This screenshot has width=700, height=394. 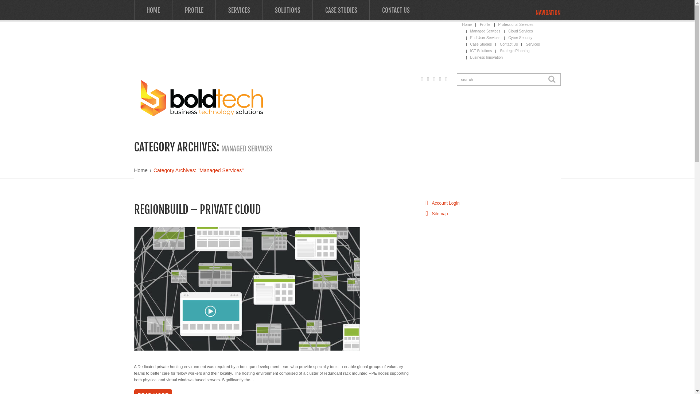 I want to click on 'business technology solutions', so click(x=201, y=97).